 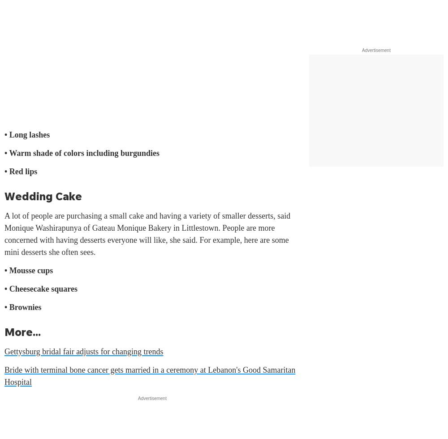 What do you see at coordinates (149, 376) in the screenshot?
I see `'Bride with terminal bone cancer gets married in a ceremony at Lebanon's Good Samaritan Hospital'` at bounding box center [149, 376].